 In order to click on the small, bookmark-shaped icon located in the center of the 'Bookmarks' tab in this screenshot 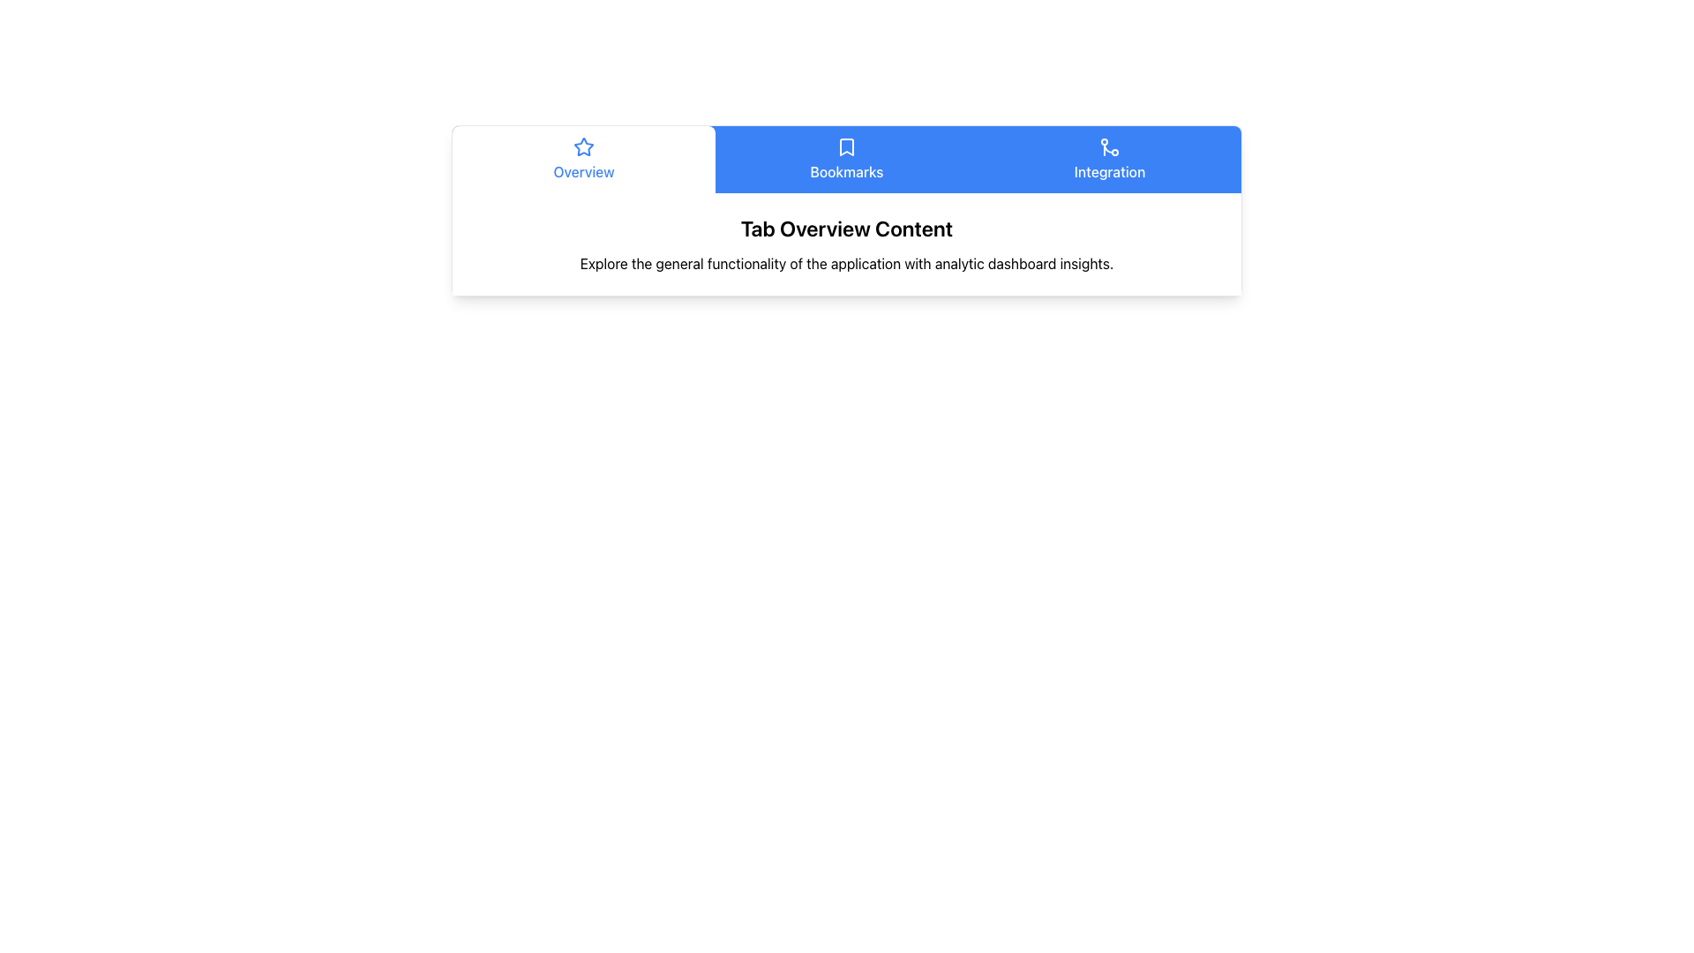, I will do `click(847, 146)`.